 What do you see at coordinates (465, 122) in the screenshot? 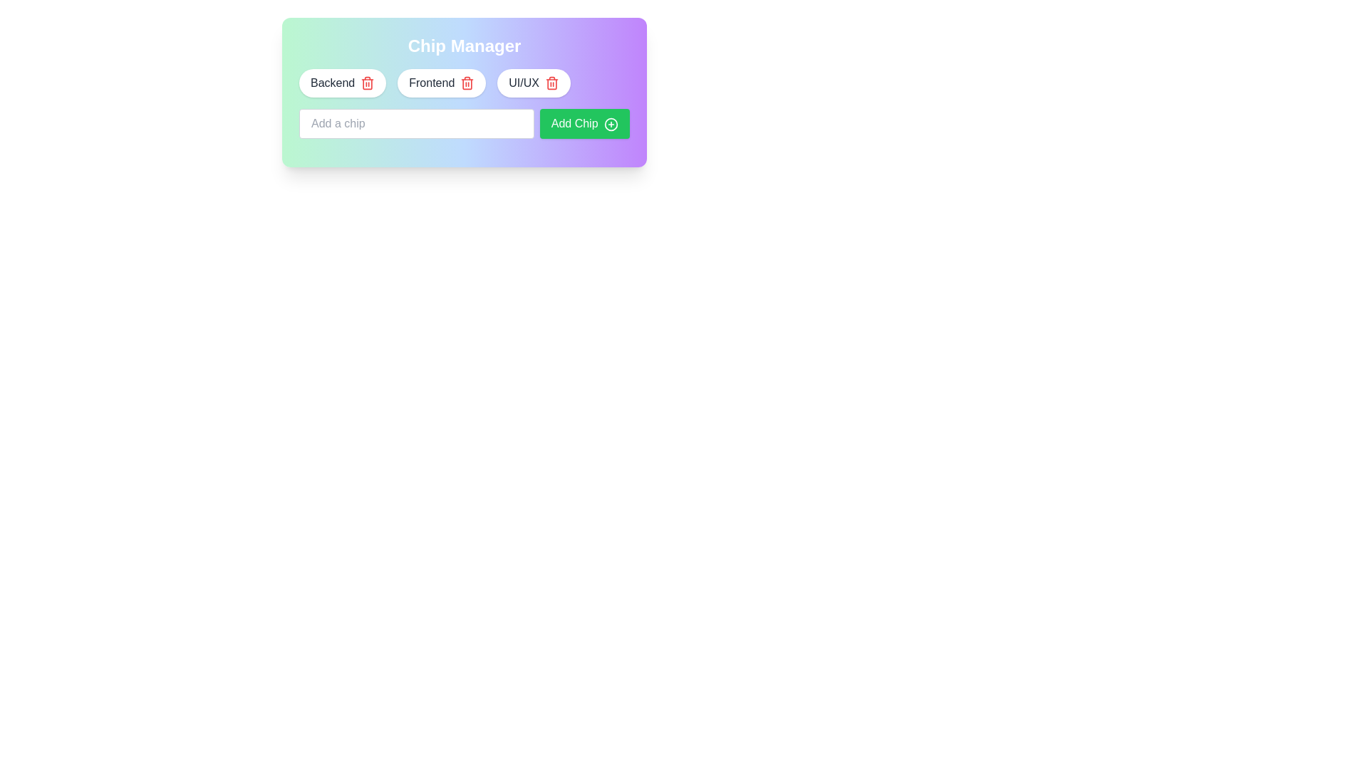
I see `the button located in the input field component for adding chips, which is centrally positioned under the labels 'Backend', 'Frontend', and 'UI/UX'` at bounding box center [465, 122].